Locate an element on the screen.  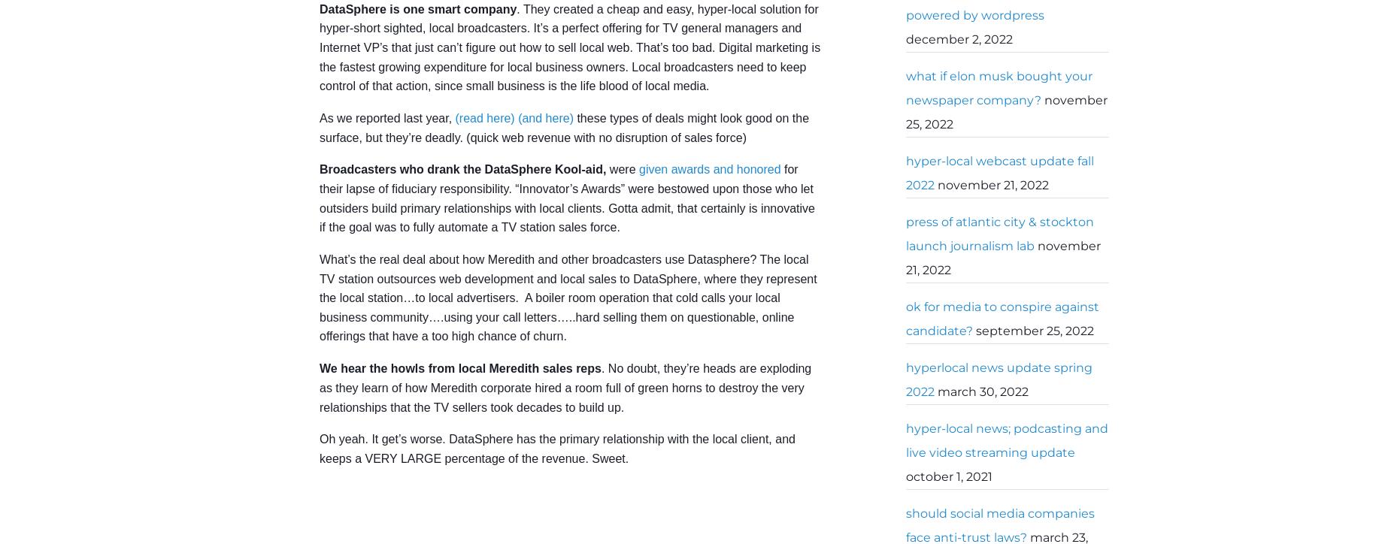
'OK for media to conspire against candidate?' is located at coordinates (1002, 319).